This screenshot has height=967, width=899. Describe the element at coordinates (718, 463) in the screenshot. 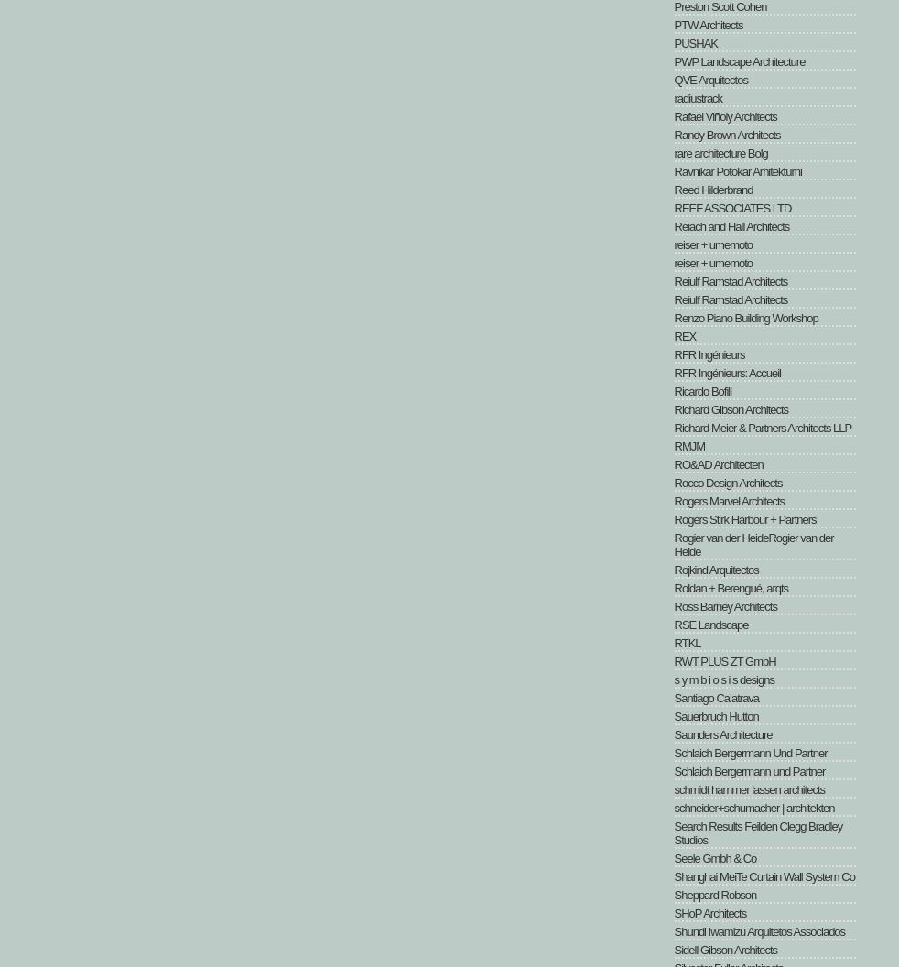

I see `'RO&AD Architecten'` at that location.